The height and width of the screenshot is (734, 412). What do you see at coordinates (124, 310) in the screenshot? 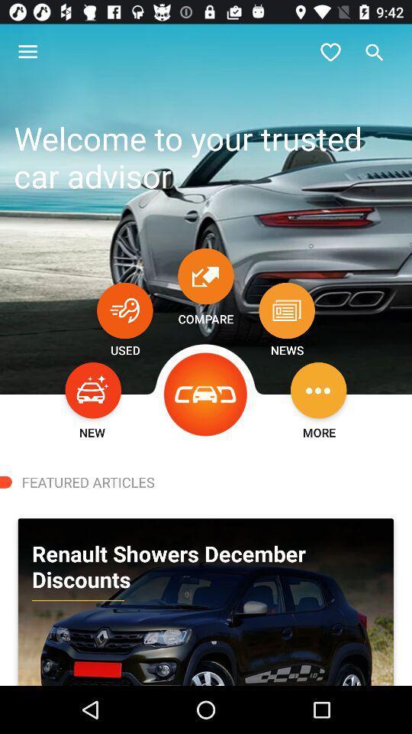
I see `icon below welcome to your item` at bounding box center [124, 310].